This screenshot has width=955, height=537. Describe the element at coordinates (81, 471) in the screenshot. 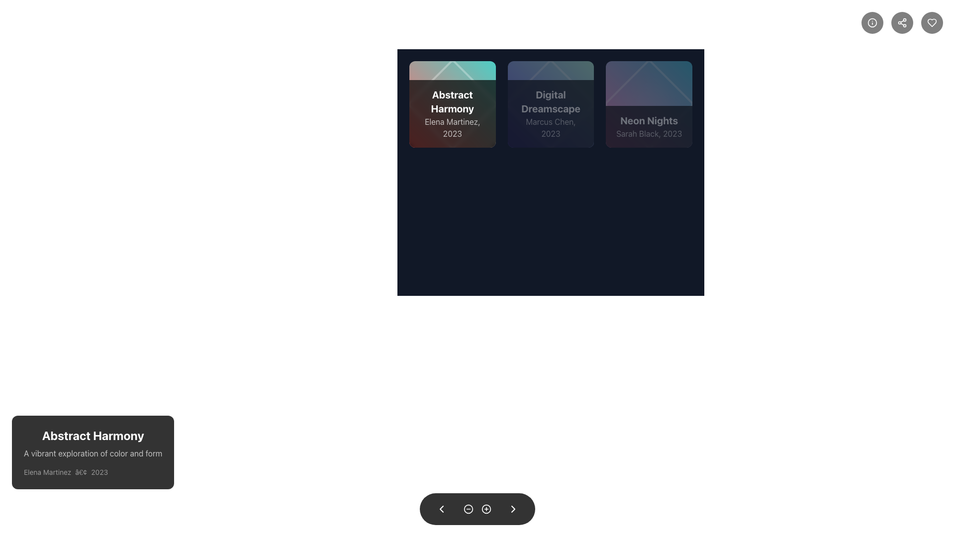

I see `the Bullet separator element, which visually separates the text 'Elena Martinez' and '2023' in the lower-left quadrant of the interface` at that location.